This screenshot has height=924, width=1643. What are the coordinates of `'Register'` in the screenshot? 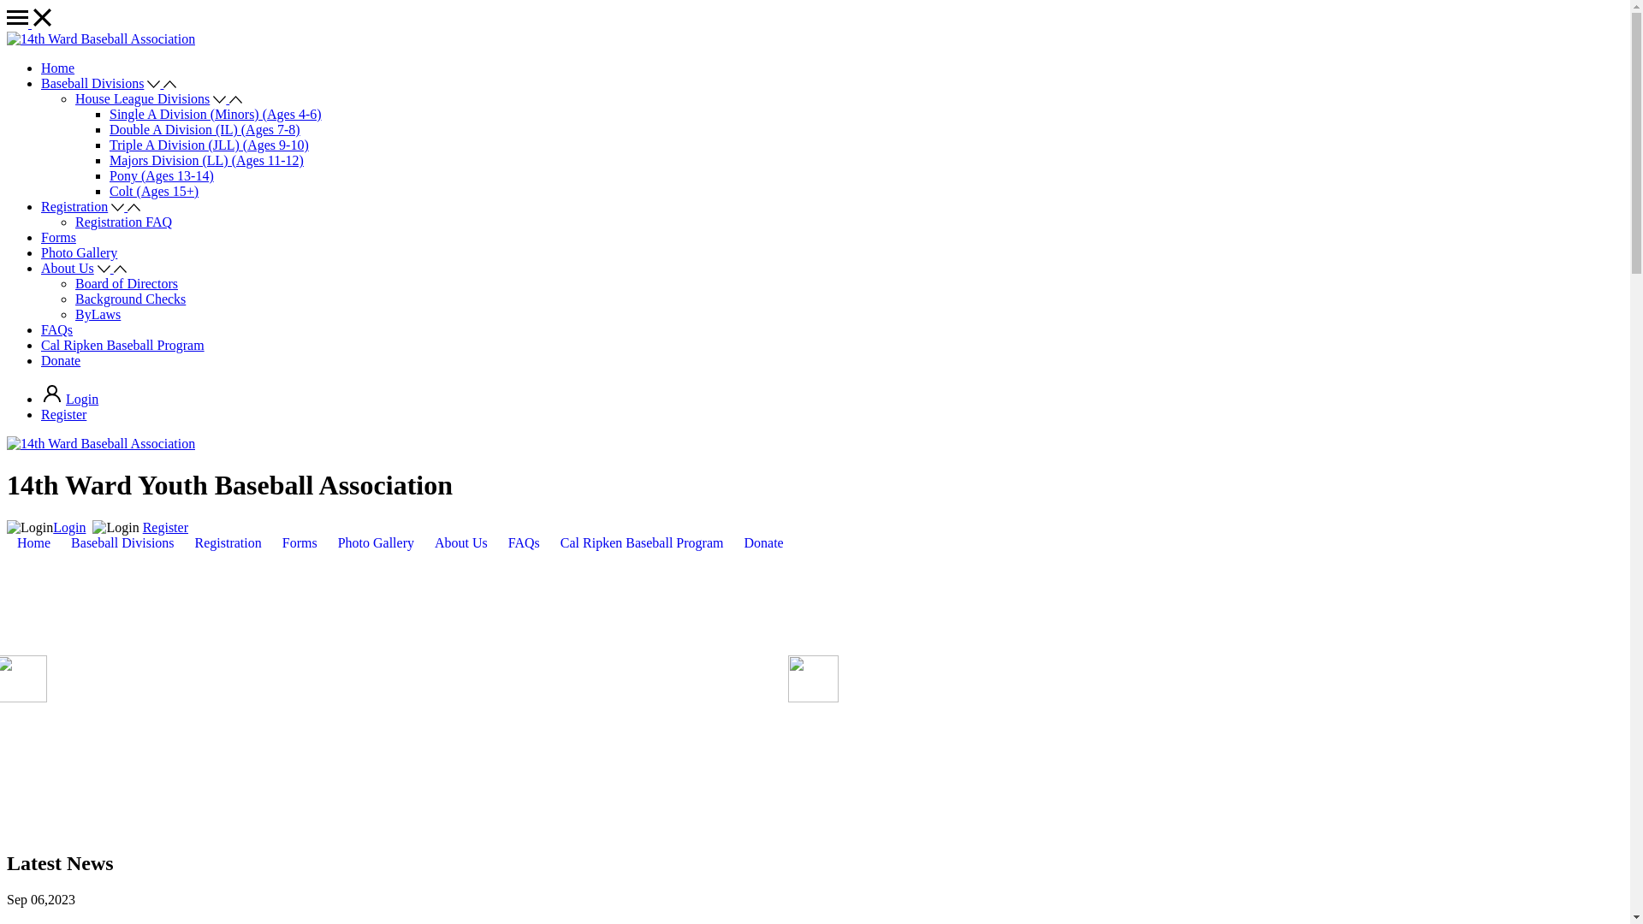 It's located at (165, 526).